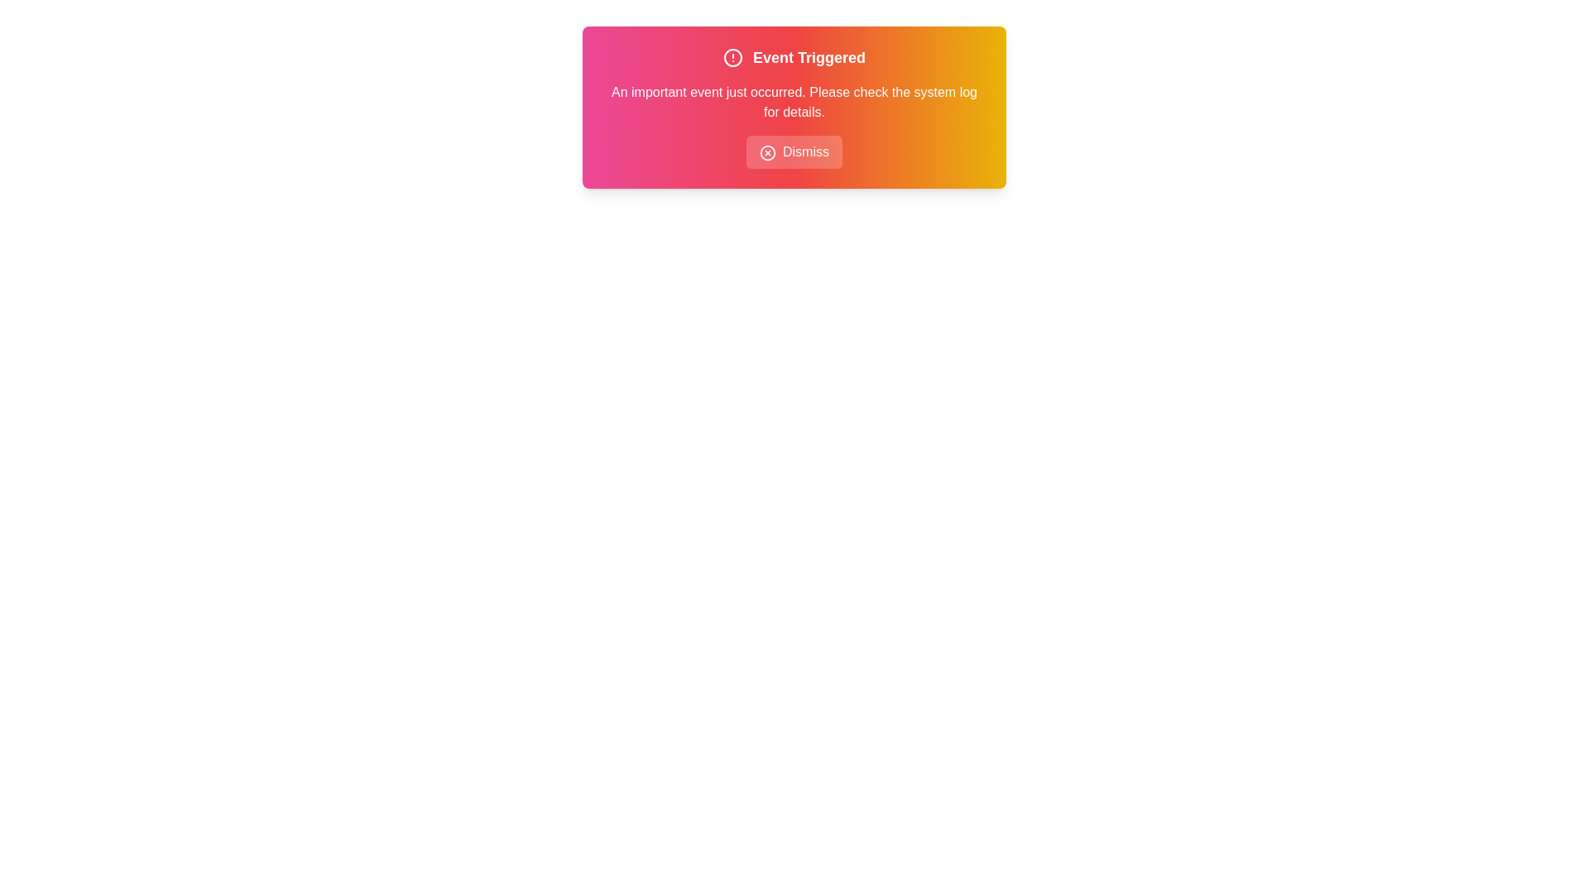 The width and height of the screenshot is (1589, 894). What do you see at coordinates (766, 152) in the screenshot?
I see `the 'Dismiss' button's icon, which is located inside the button to the left of the text label` at bounding box center [766, 152].